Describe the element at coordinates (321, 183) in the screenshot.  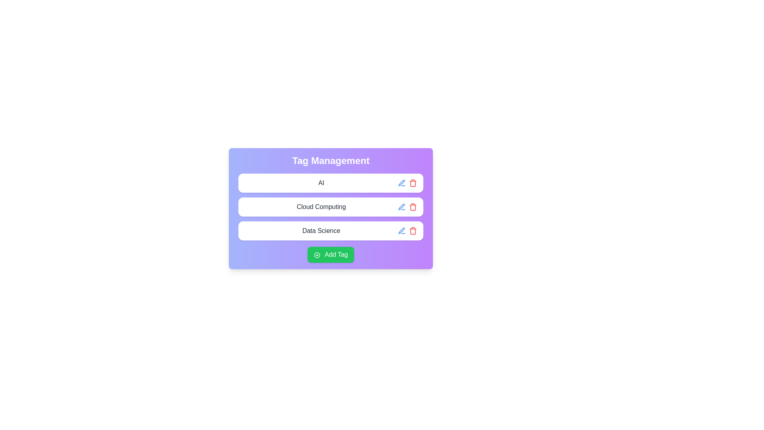
I see `the 'AI' text label located in the 'Tag Management' section, which is the first label in a vertical list and positioned above 'Cloud Computing' and 'Data Science'` at that location.